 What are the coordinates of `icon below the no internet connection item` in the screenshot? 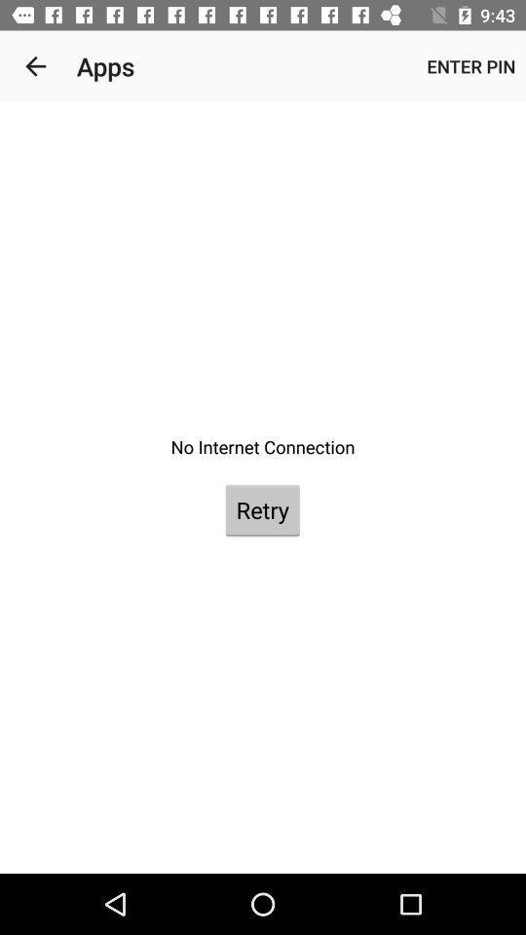 It's located at (262, 508).